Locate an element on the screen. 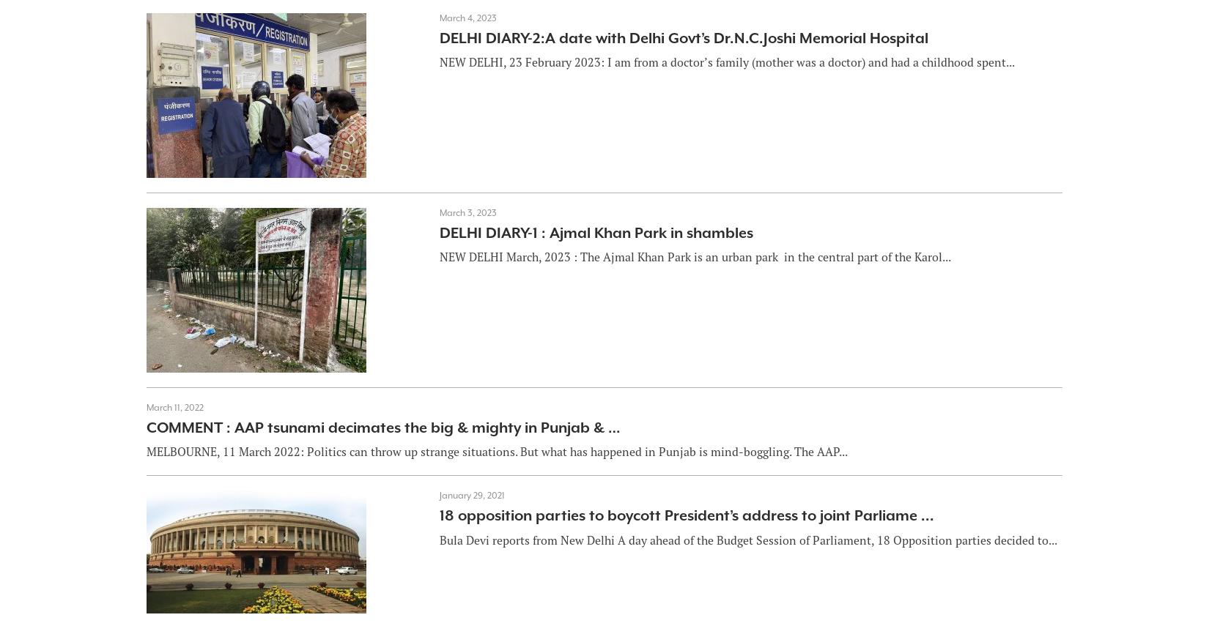 This screenshot has width=1209, height=623. 'DELHI DIARY-1 : Ajmal Khan Park in shambles' is located at coordinates (594, 232).